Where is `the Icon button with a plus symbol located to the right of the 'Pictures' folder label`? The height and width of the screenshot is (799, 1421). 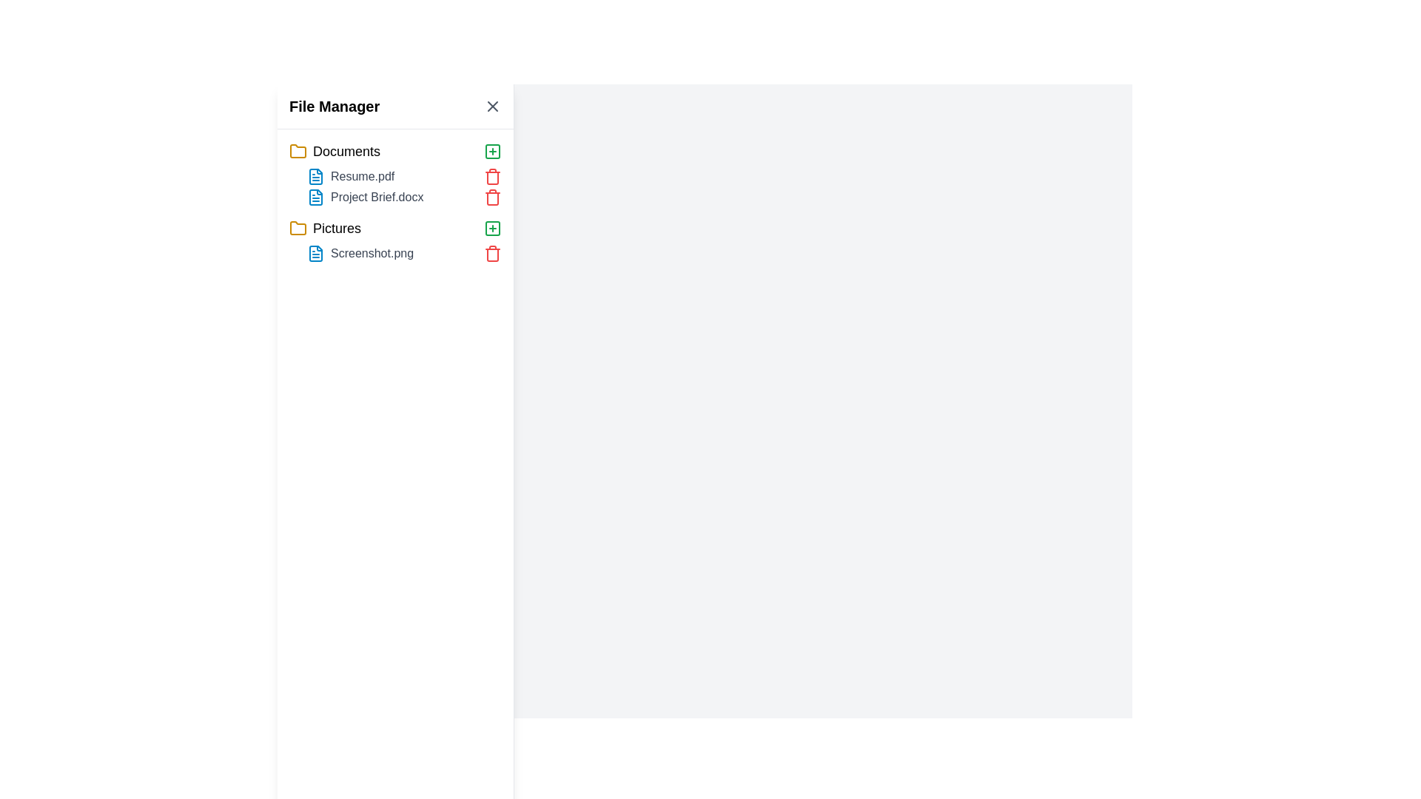
the Icon button with a plus symbol located to the right of the 'Pictures' folder label is located at coordinates (493, 228).